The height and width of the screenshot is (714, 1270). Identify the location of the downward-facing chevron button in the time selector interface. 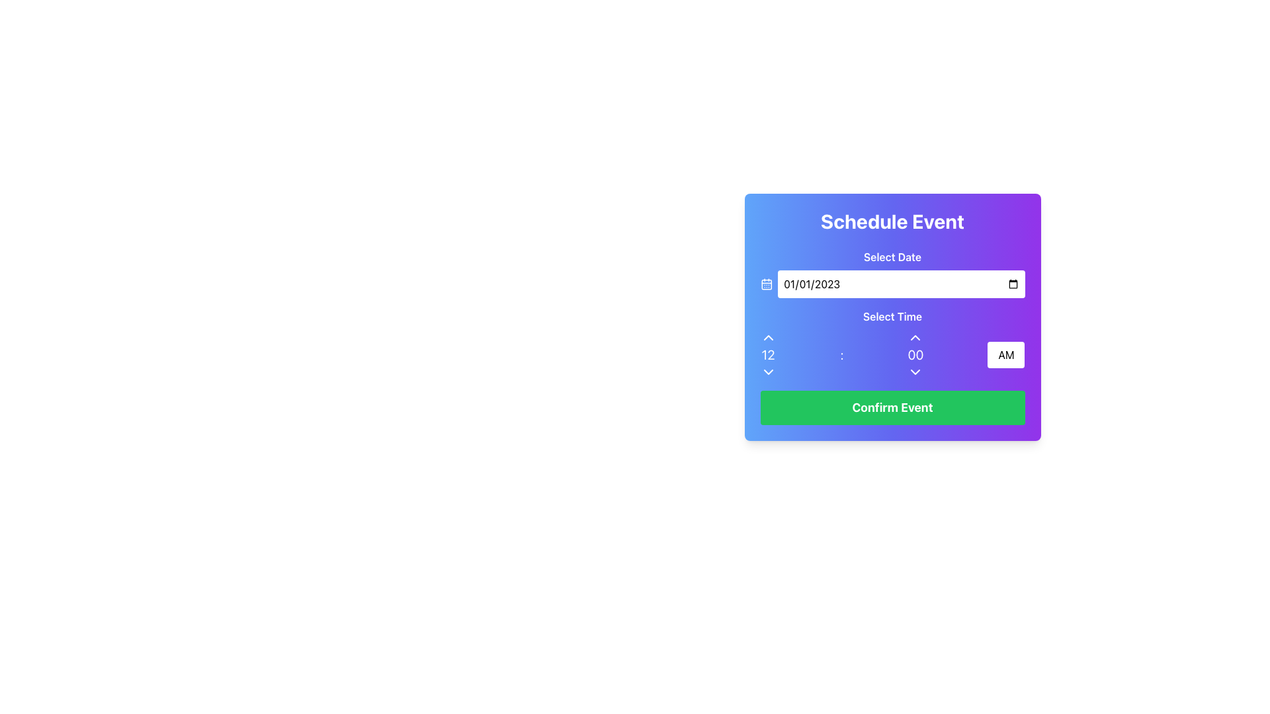
(768, 372).